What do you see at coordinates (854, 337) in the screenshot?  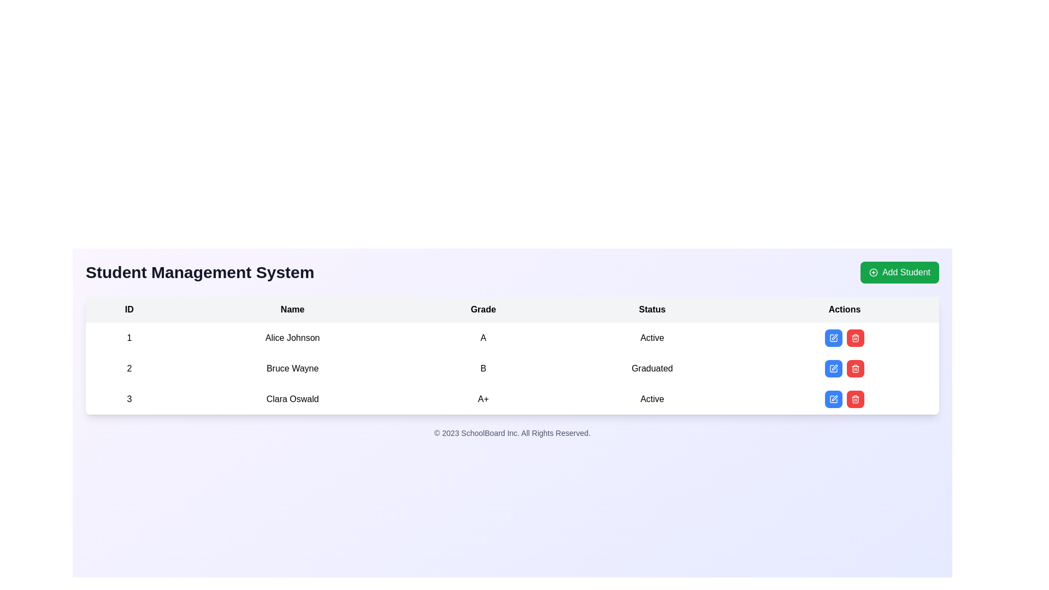 I see `the red, rounded button with a white trash bin icon` at bounding box center [854, 337].